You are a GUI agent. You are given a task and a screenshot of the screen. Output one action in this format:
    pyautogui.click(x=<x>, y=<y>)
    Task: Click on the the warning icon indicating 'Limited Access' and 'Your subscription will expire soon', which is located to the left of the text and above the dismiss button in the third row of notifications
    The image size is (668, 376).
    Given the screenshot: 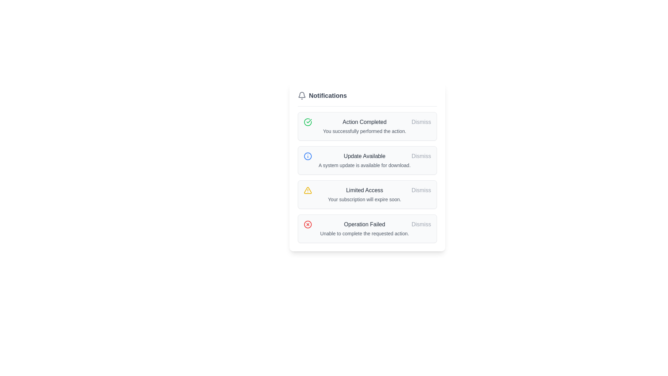 What is the action you would take?
    pyautogui.click(x=307, y=190)
    